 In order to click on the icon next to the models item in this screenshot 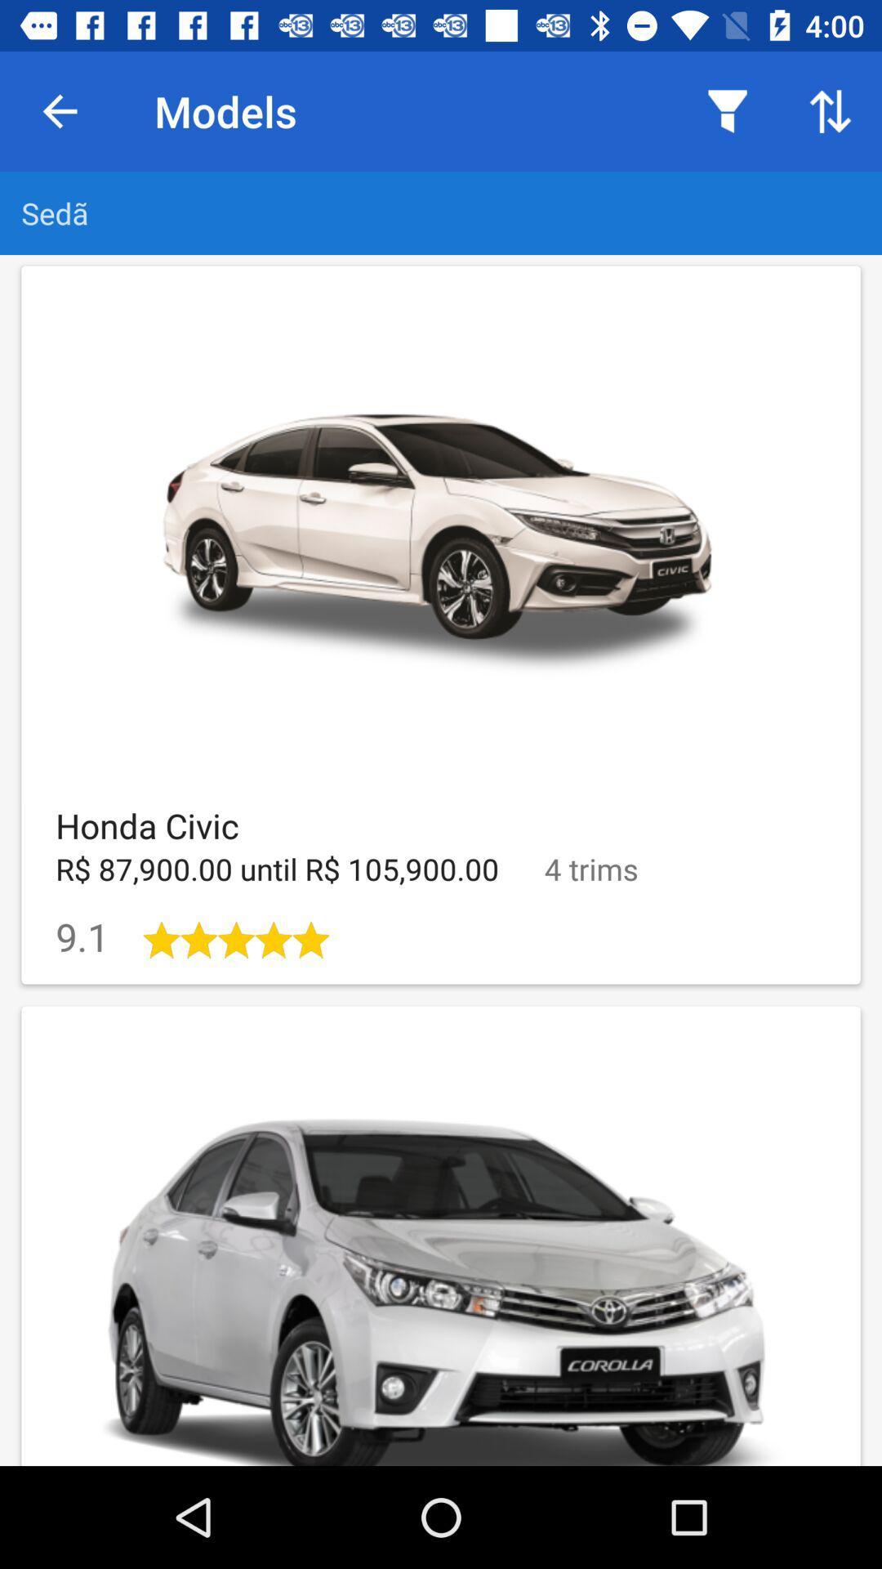, I will do `click(59, 110)`.